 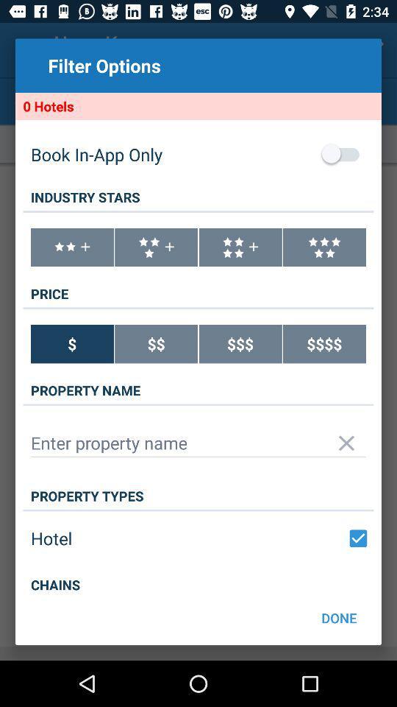 What do you see at coordinates (71, 247) in the screenshot?
I see `note option` at bounding box center [71, 247].